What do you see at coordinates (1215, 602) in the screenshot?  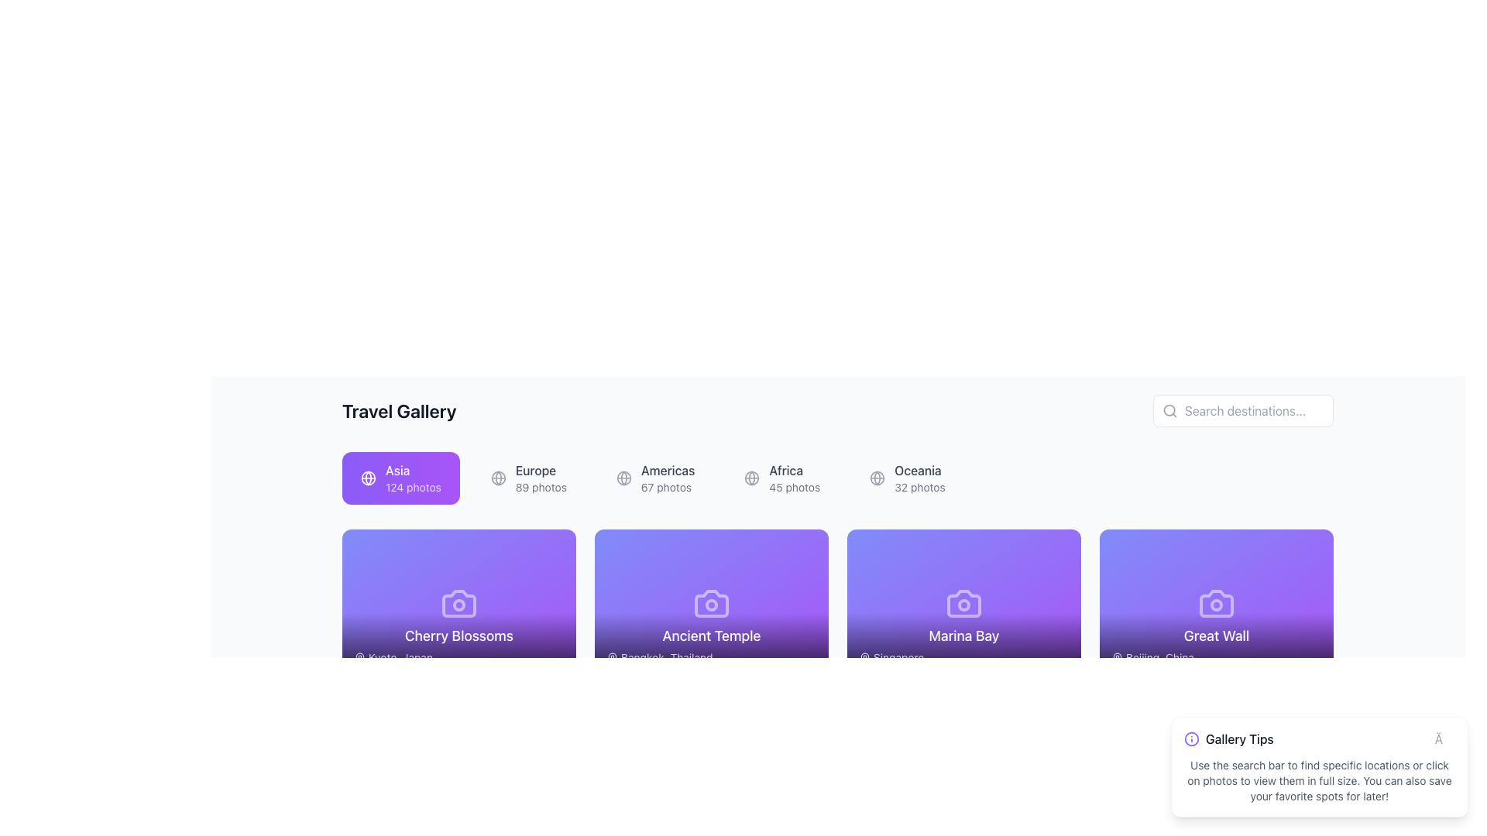 I see `the fourth Card element in the 'Travel Gallery' section, which visually represents the Great Wall destination and contains an image, title, and subtitle` at bounding box center [1215, 602].